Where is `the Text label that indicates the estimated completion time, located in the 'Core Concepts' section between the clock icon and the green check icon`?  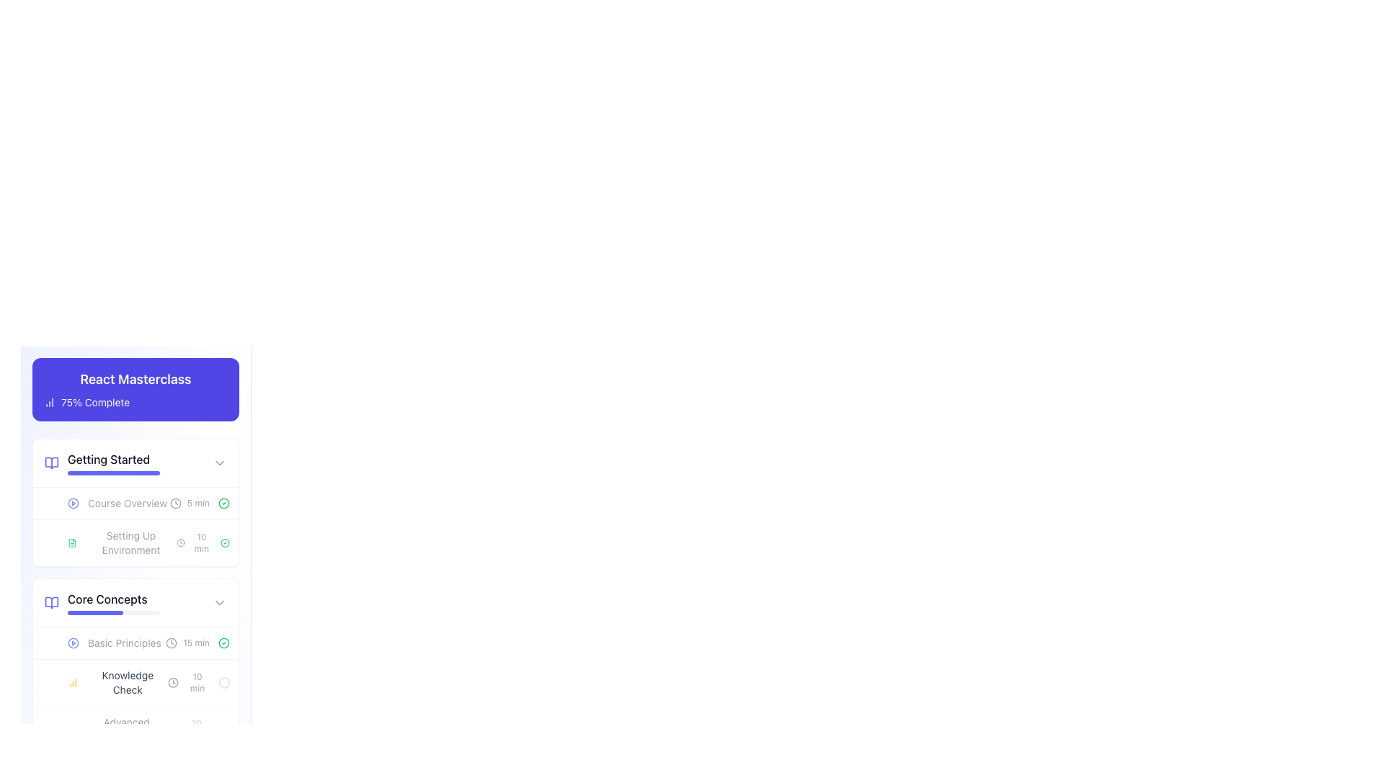
the Text label that indicates the estimated completion time, located in the 'Core Concepts' section between the clock icon and the green check icon is located at coordinates (197, 643).